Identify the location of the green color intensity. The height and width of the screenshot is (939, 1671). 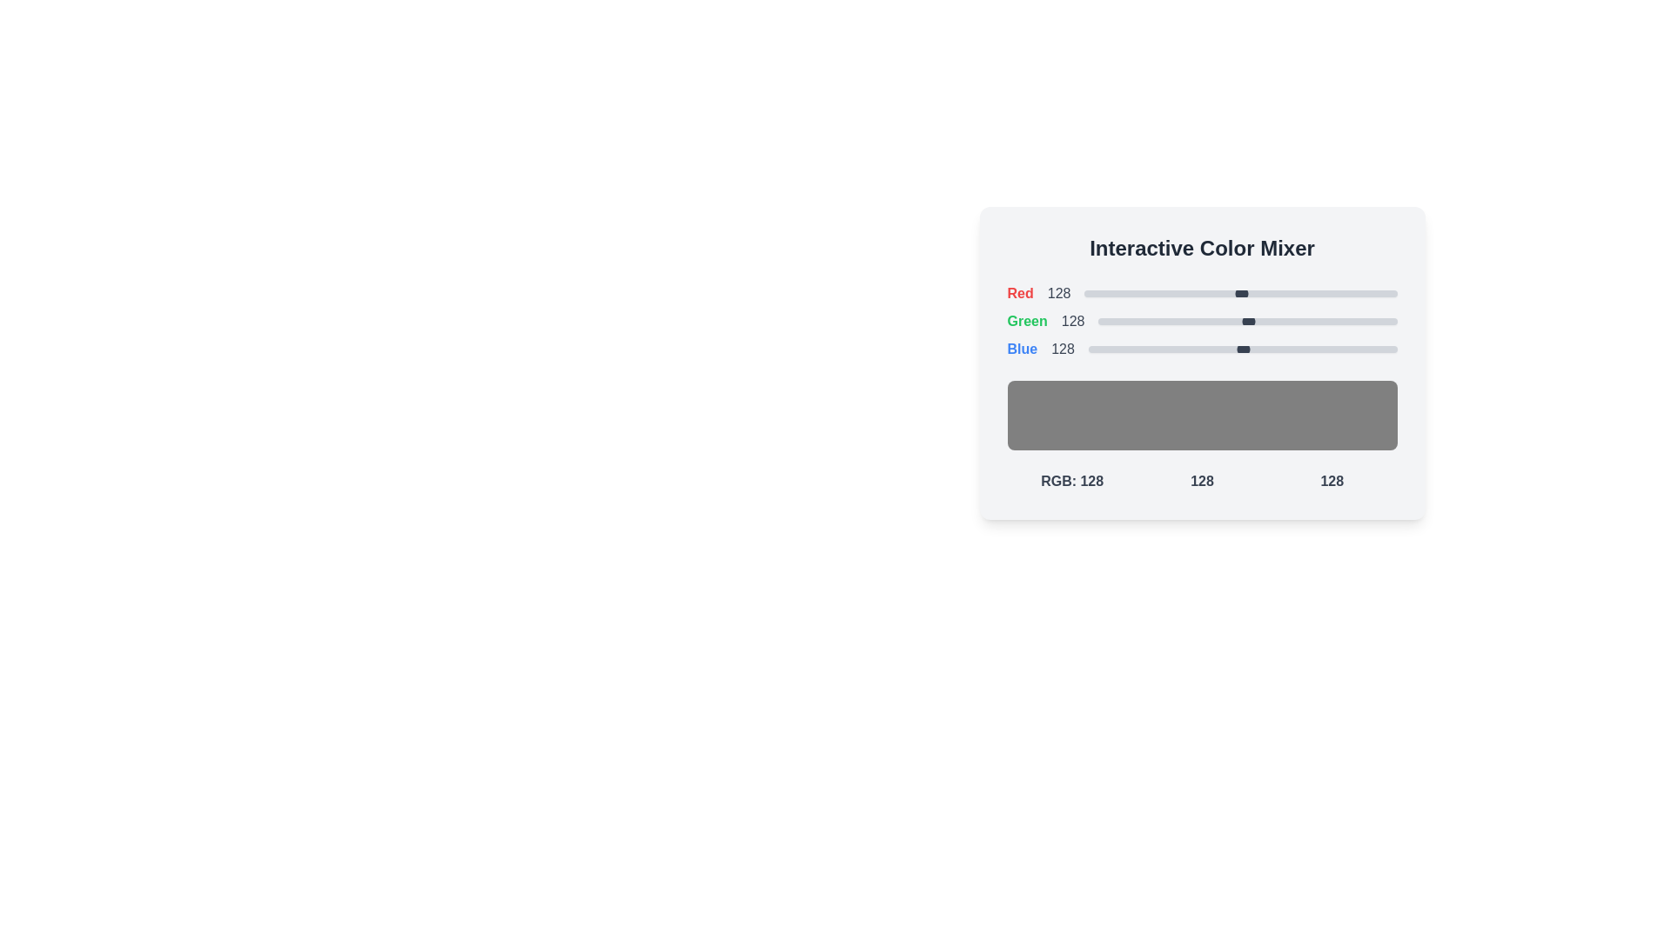
(1349, 322).